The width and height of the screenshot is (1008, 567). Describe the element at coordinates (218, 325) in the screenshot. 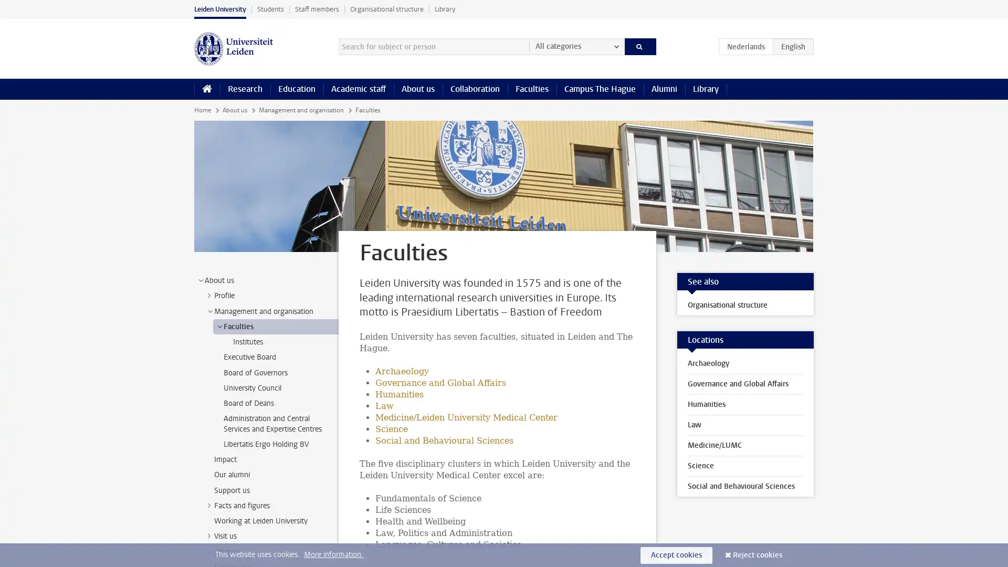

I see `>` at that location.